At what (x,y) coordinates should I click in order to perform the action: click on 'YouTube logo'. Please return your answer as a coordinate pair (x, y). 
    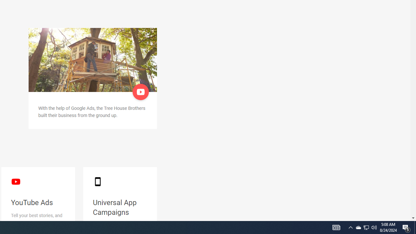
    Looking at the image, I should click on (16, 182).